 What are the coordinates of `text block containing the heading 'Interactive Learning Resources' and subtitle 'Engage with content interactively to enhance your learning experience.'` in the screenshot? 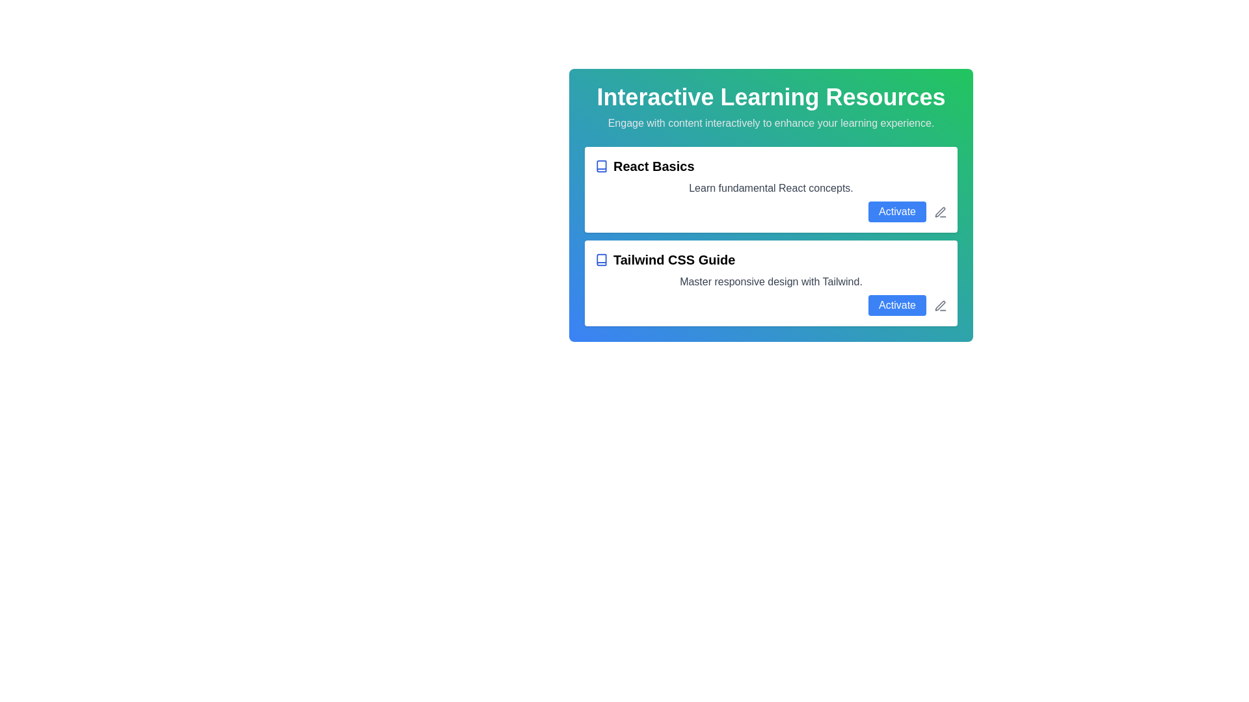 It's located at (771, 107).